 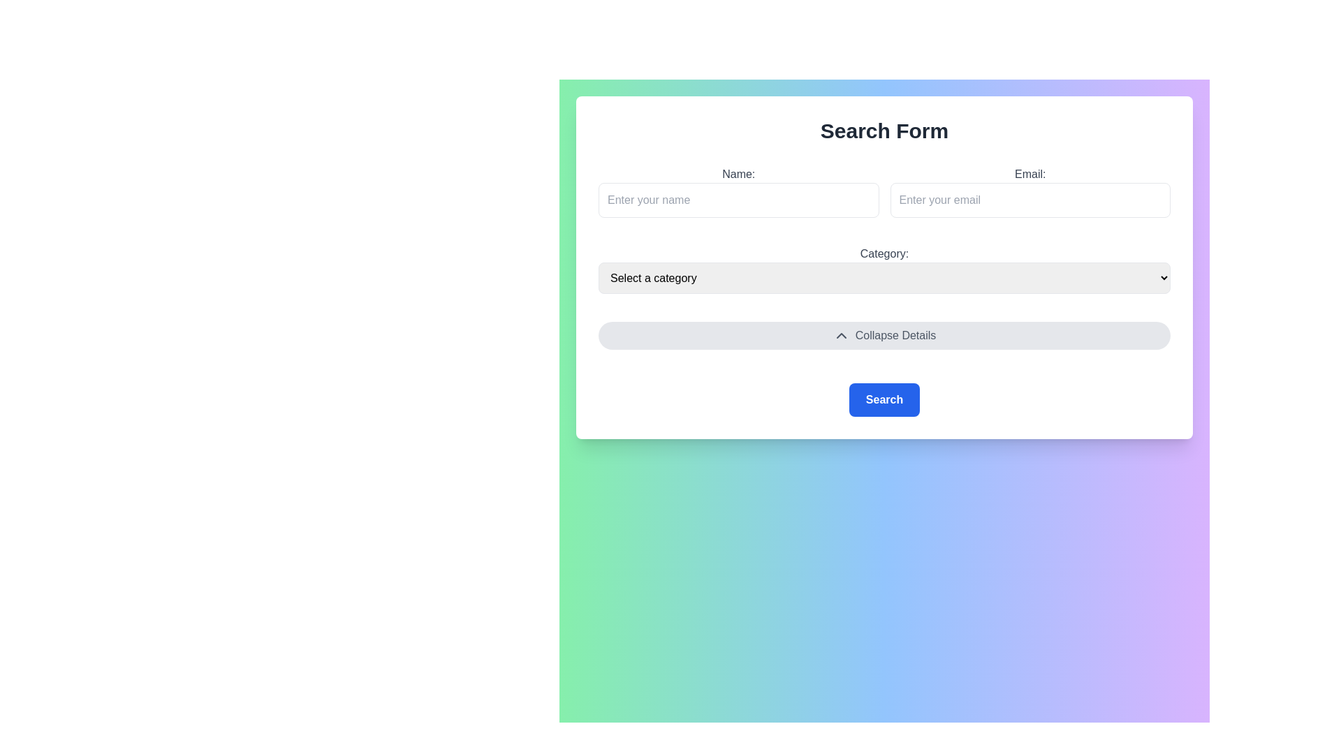 I want to click on the downwards-pointing chevron SVG icon within the 'Collapse Details' button, so click(x=840, y=336).